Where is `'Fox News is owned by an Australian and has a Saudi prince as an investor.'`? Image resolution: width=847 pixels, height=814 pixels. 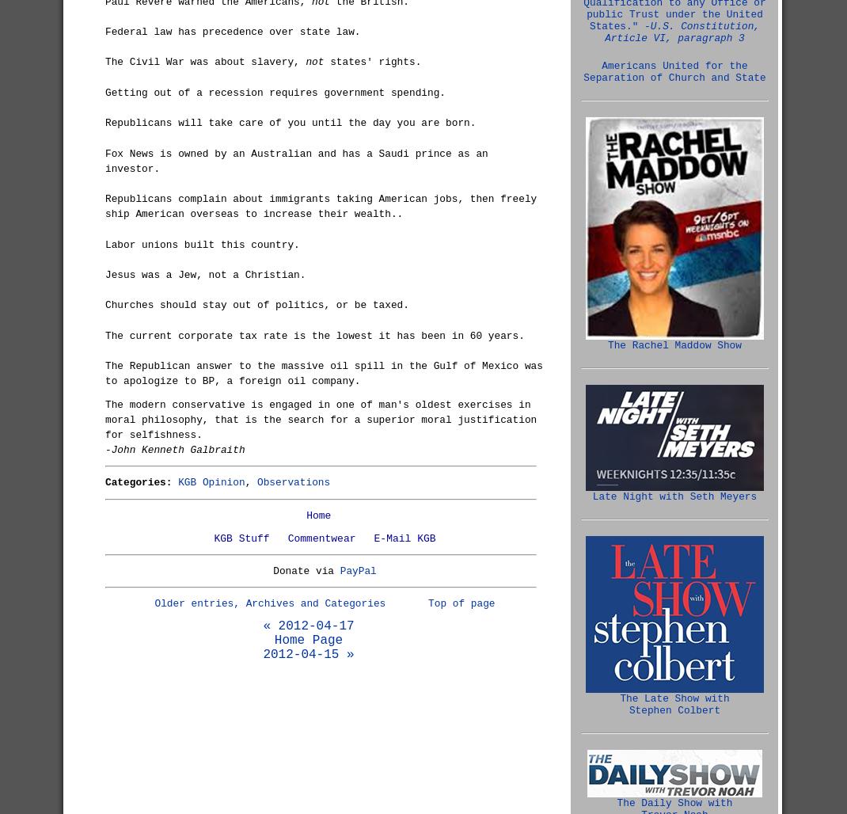 'Fox News is owned by an Australian and has a Saudi prince as an investor.' is located at coordinates (295, 160).